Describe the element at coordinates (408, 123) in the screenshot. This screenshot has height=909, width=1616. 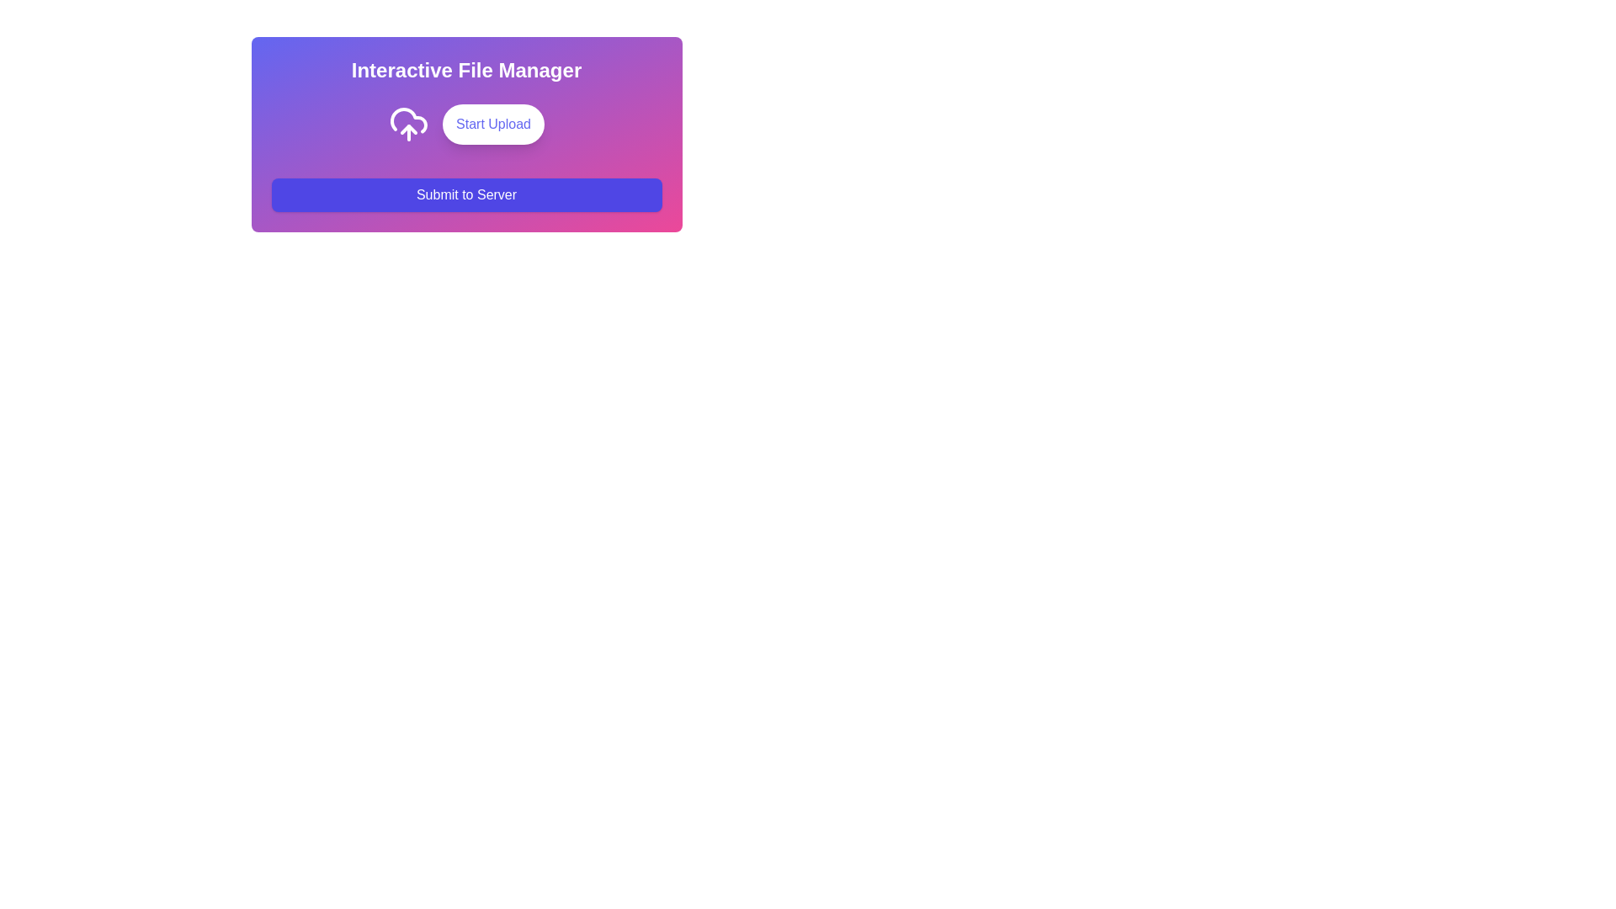
I see `the SVG graphical icon located to the left of the 'Start Upload' button in the 'Interactive File Manager' to initiate a file upload` at that location.